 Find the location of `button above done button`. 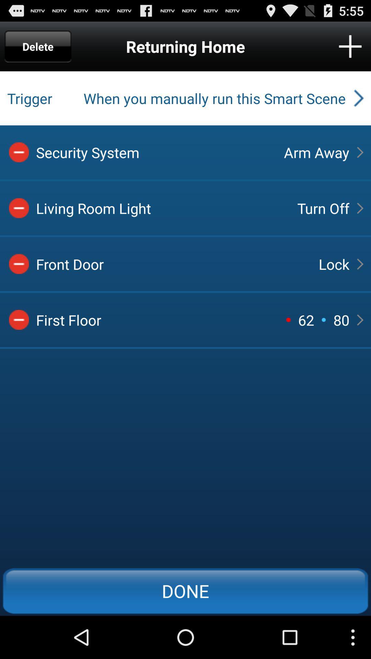

button above done button is located at coordinates (341, 320).